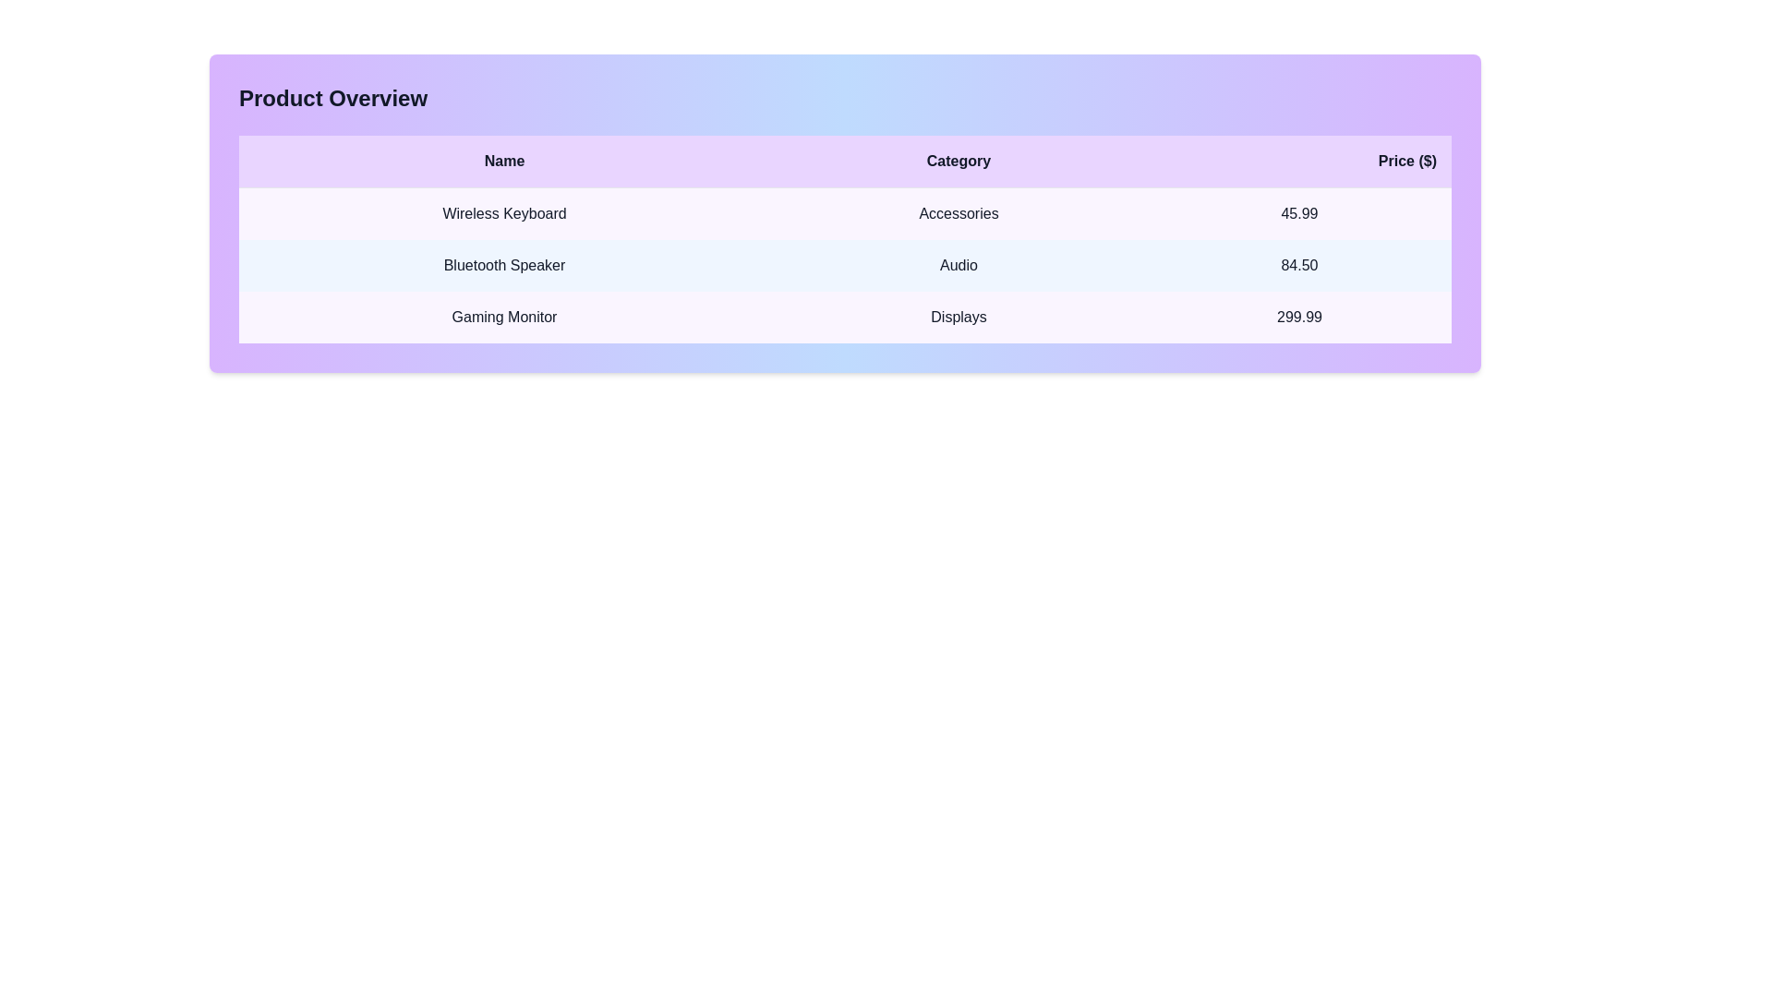 The image size is (1773, 997). I want to click on the label displaying the price '299.99' in the last column of the third row of the 'Product Overview' table with a lavender background, so click(1298, 316).